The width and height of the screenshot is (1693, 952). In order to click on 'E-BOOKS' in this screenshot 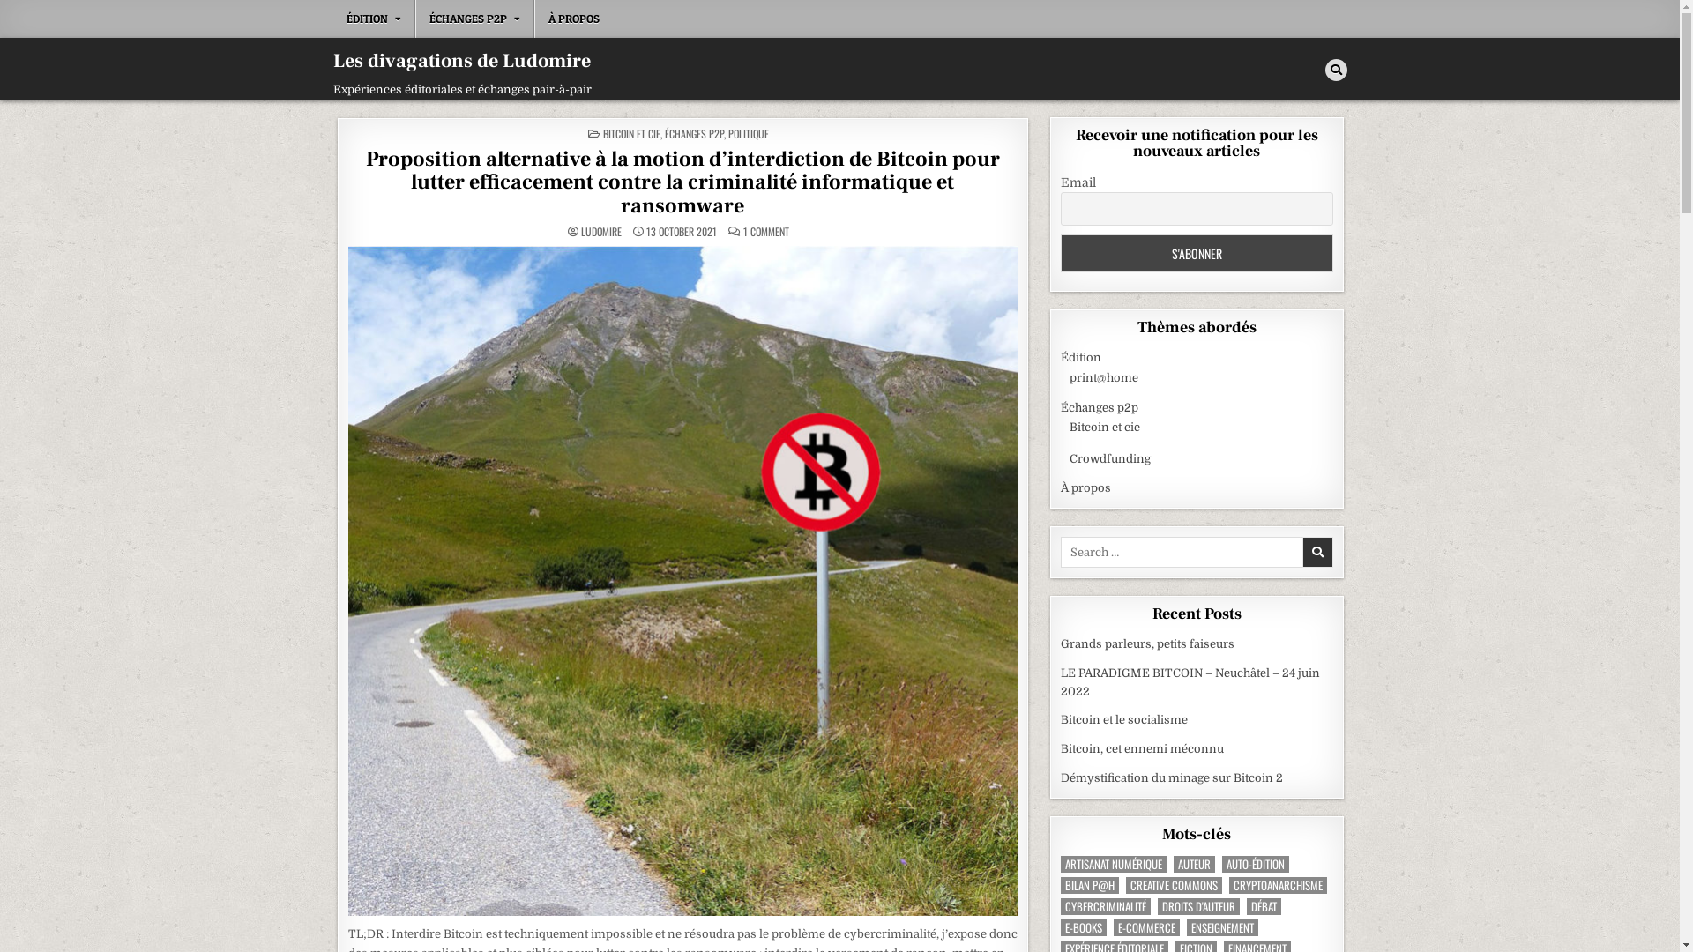, I will do `click(1082, 926)`.